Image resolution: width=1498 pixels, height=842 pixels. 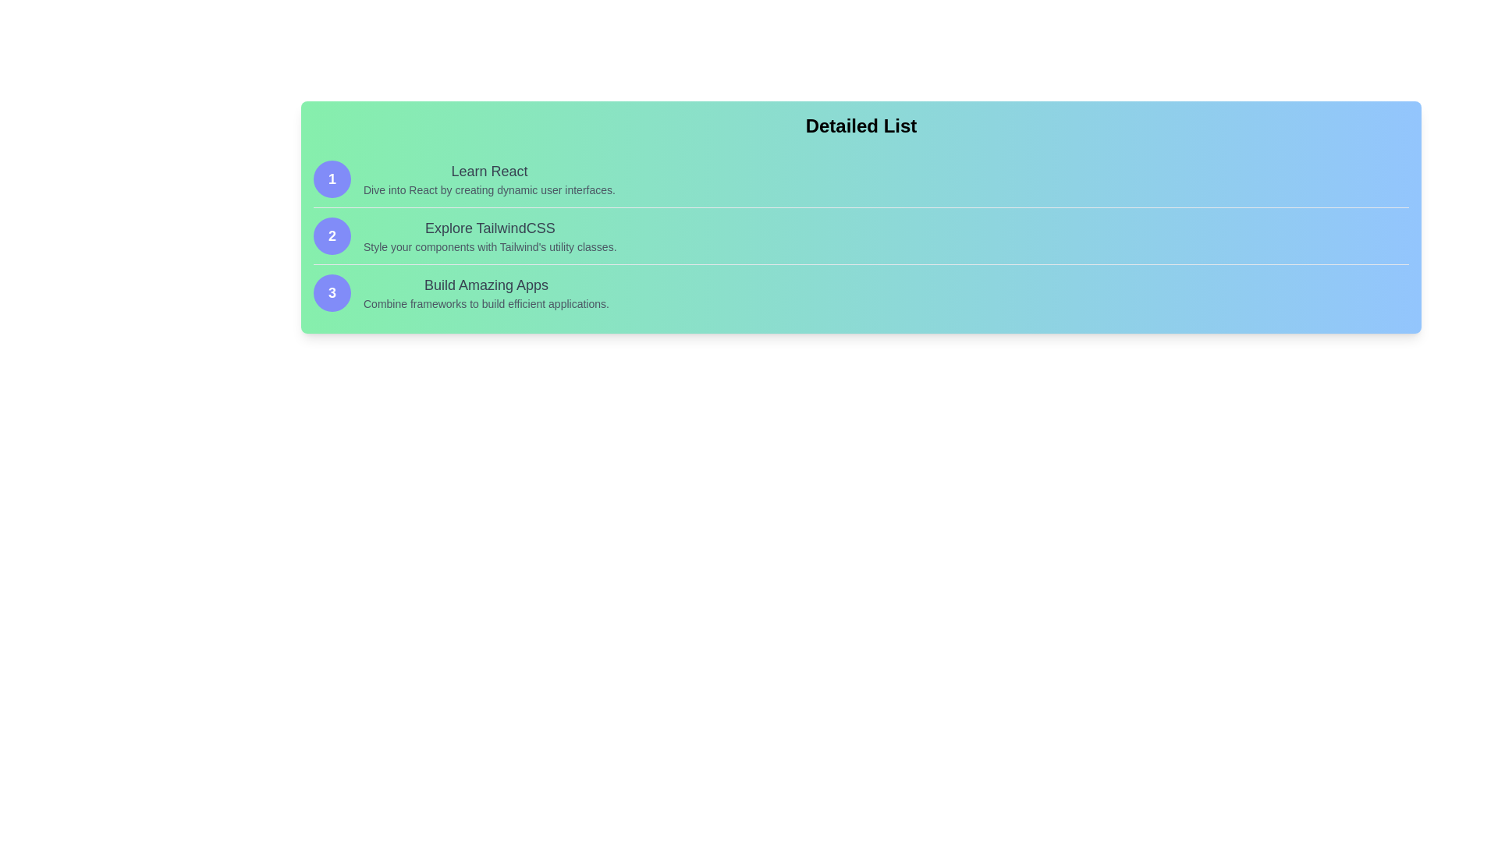 I want to click on static text that says 'Build Amazing Apps', which is prominently displayed in a larger font against a gradient background, so click(x=485, y=285).